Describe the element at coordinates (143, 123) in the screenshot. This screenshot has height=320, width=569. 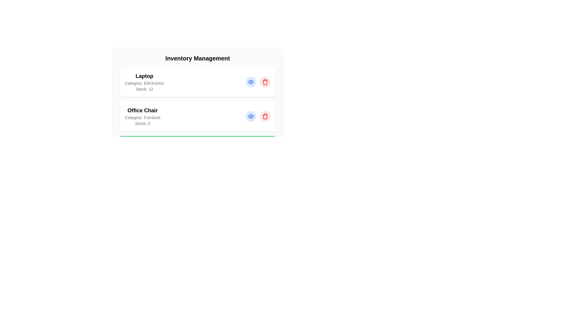
I see `the text Stock: 5 within the component` at that location.